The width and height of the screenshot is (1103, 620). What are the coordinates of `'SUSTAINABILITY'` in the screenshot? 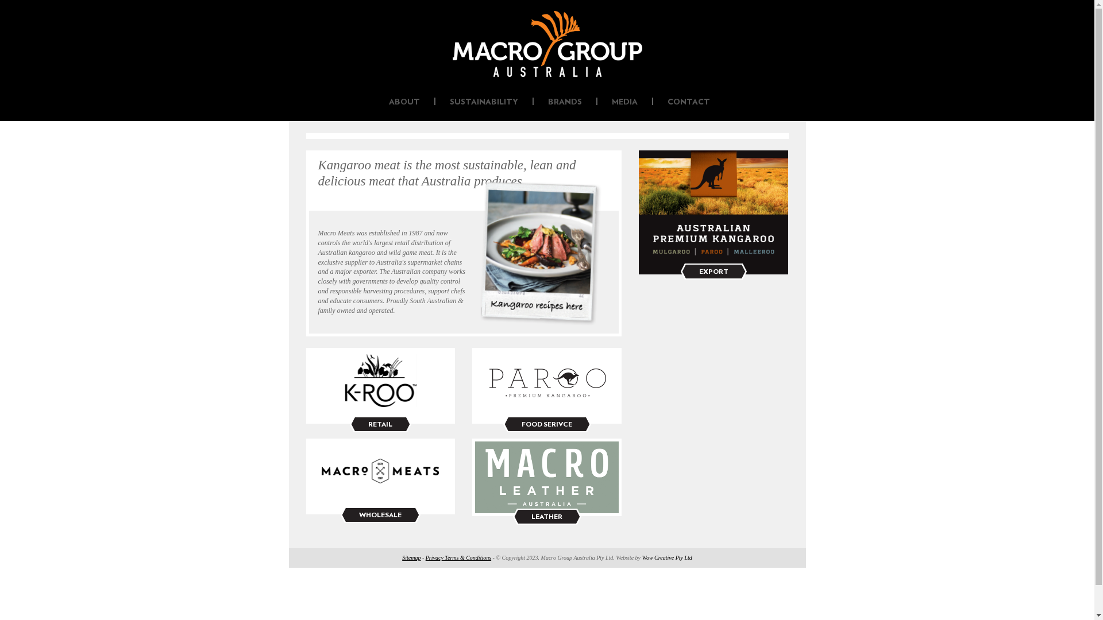 It's located at (484, 101).